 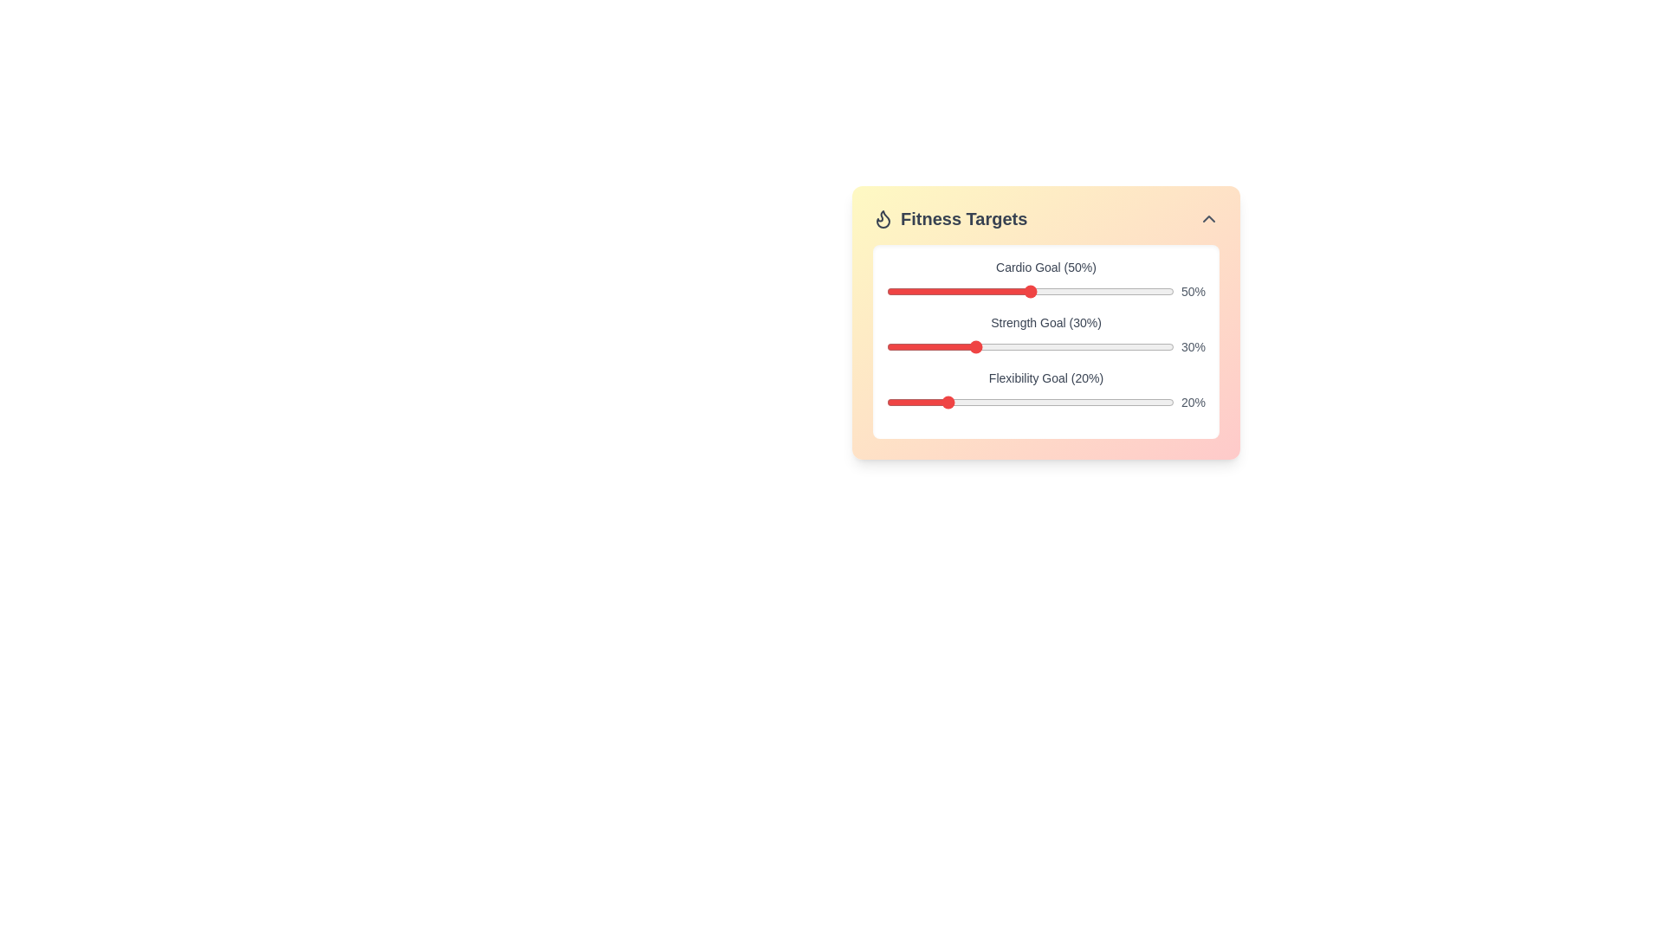 What do you see at coordinates (1208, 218) in the screenshot?
I see `toggle button to collapse or expand the Fitness Targets section` at bounding box center [1208, 218].